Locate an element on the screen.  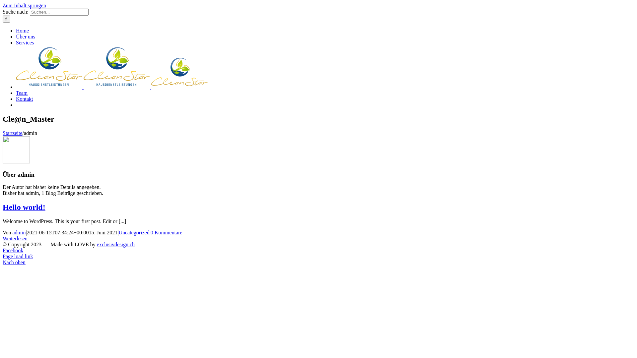
'0 Kommentare' is located at coordinates (167, 232).